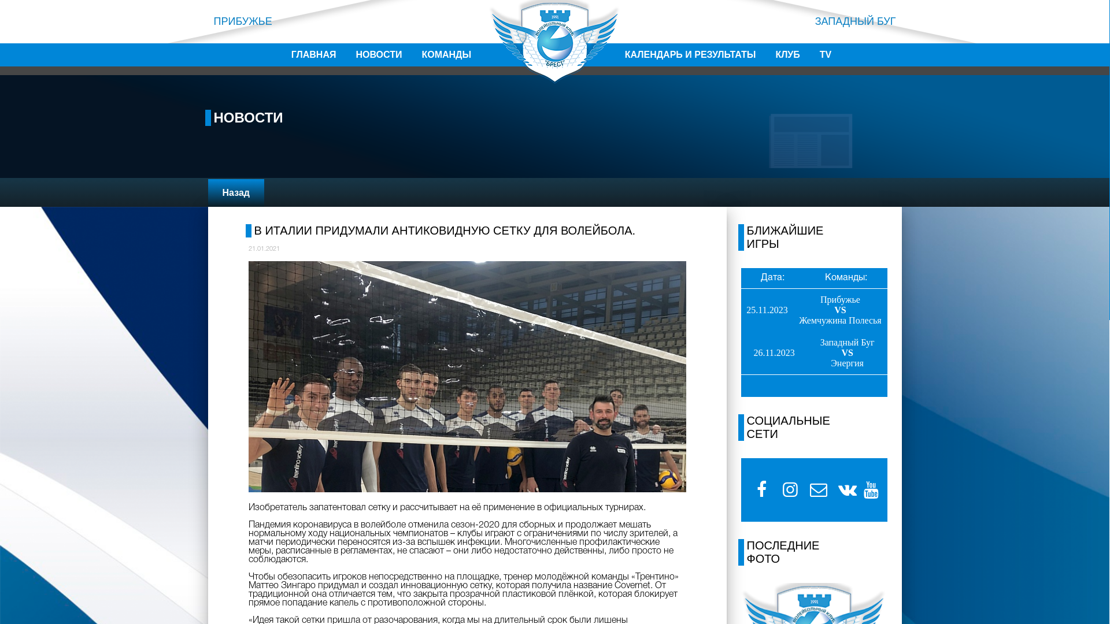 This screenshot has height=624, width=1110. Describe the element at coordinates (825, 55) in the screenshot. I see `'TV'` at that location.